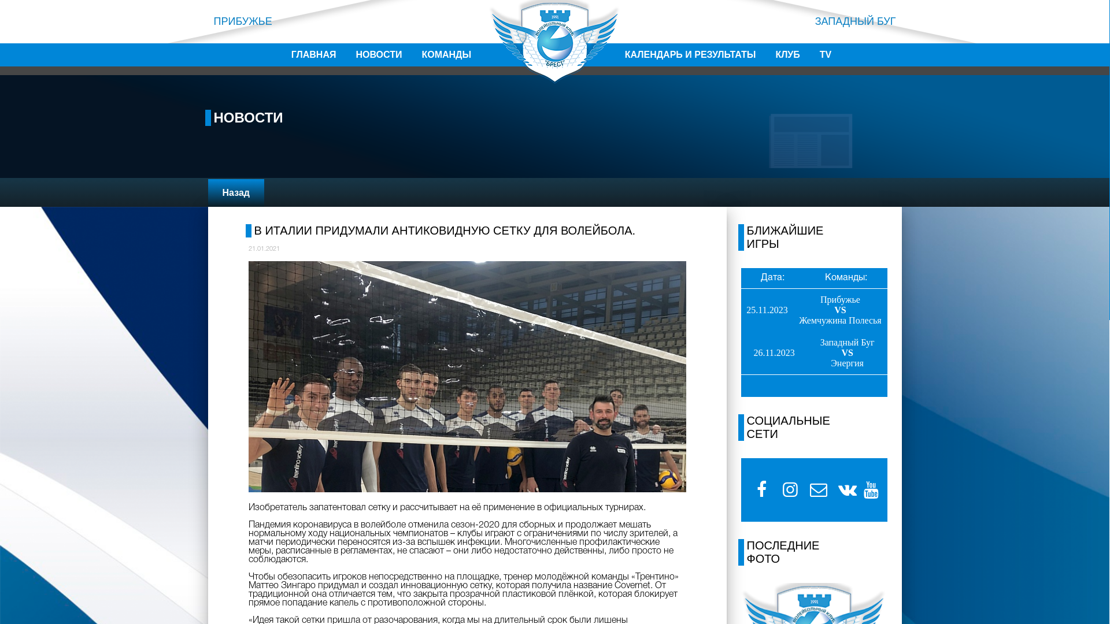 This screenshot has height=624, width=1110. Describe the element at coordinates (825, 55) in the screenshot. I see `'TV'` at that location.